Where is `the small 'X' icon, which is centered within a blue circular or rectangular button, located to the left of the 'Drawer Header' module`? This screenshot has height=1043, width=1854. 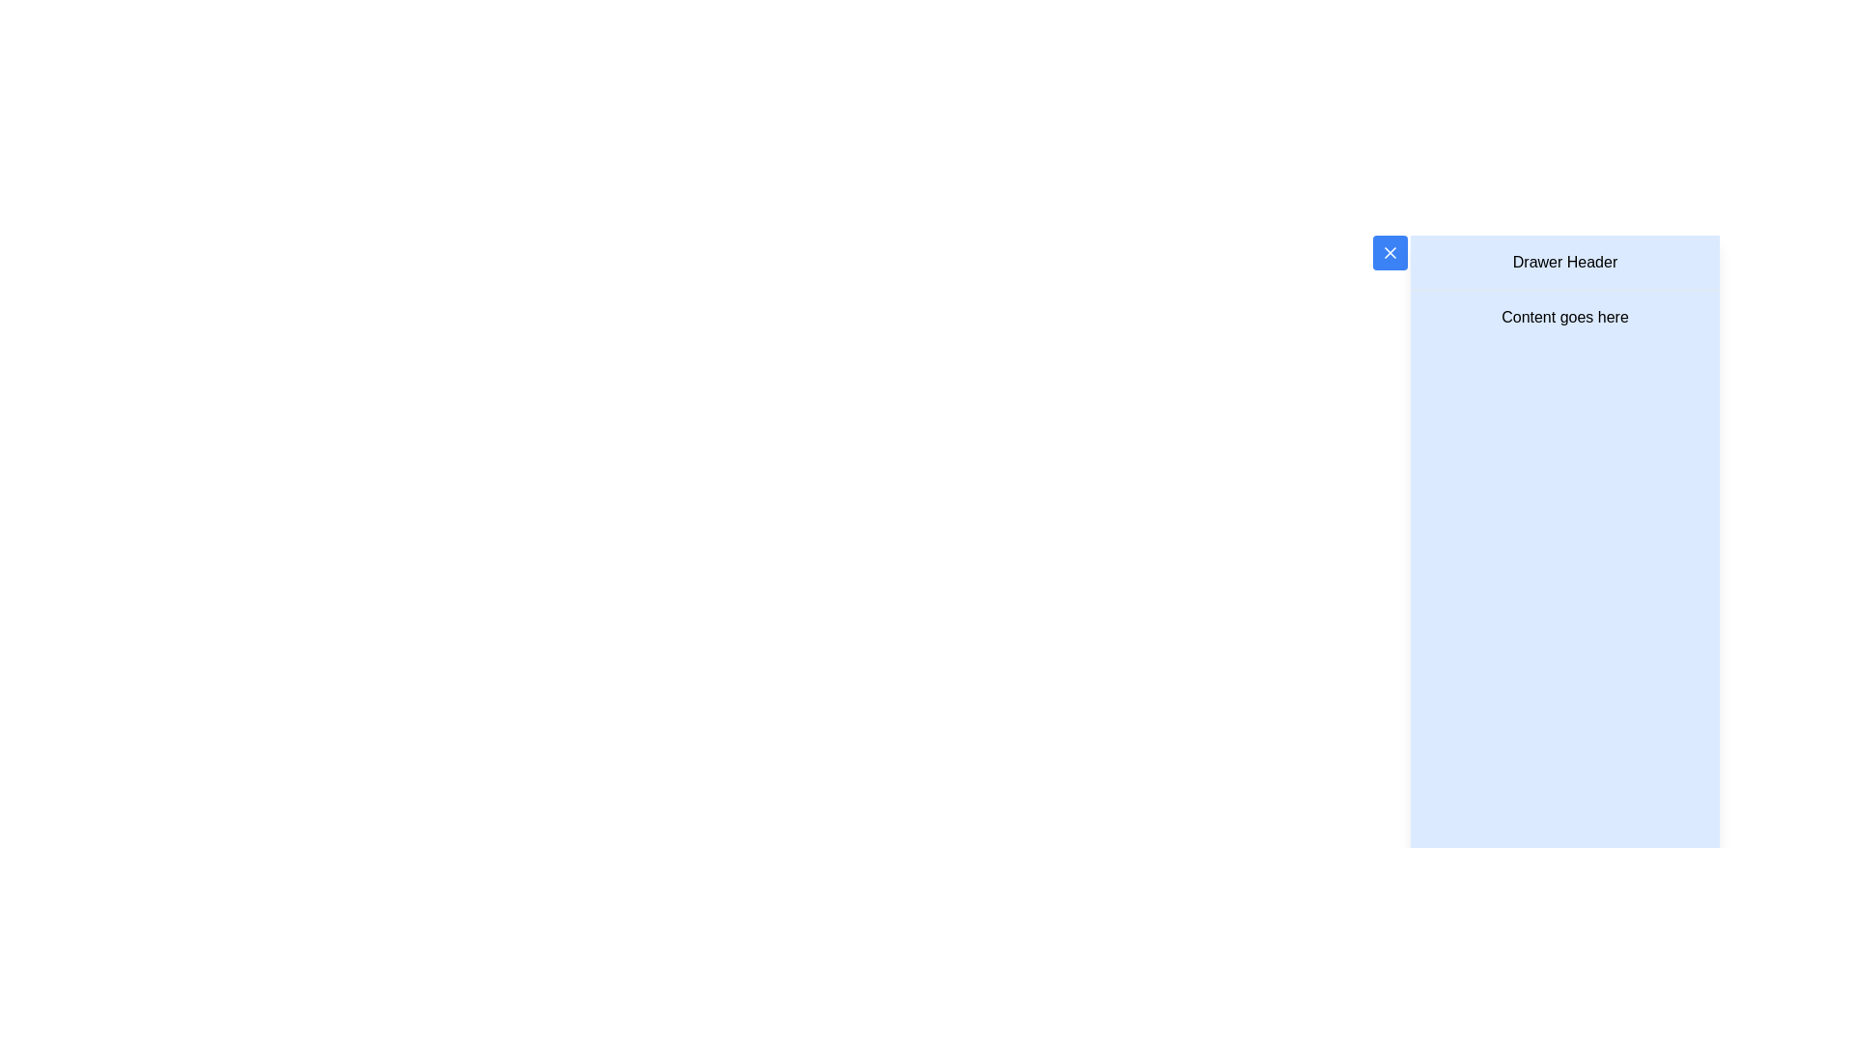 the small 'X' icon, which is centered within a blue circular or rectangular button, located to the left of the 'Drawer Header' module is located at coordinates (1389, 252).